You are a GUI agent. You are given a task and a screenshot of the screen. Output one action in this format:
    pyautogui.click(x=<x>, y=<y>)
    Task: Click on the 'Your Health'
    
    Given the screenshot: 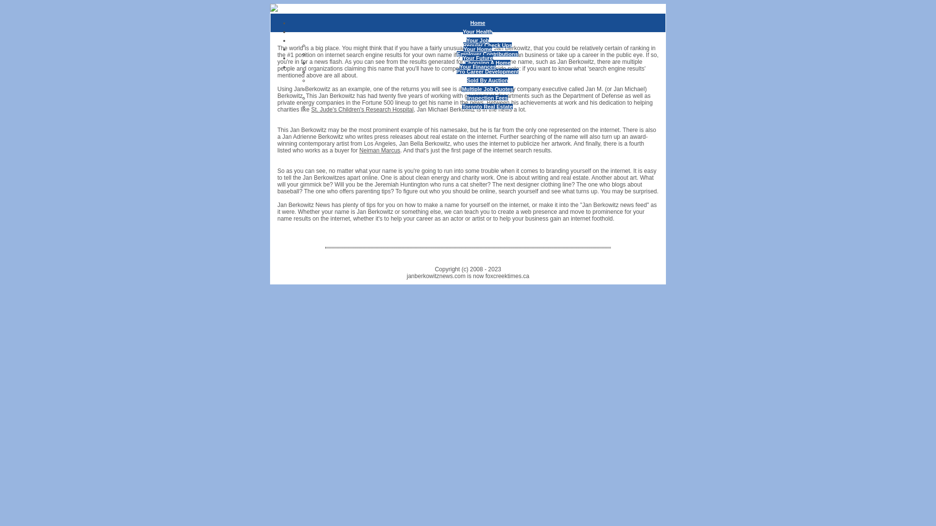 What is the action you would take?
    pyautogui.click(x=478, y=31)
    